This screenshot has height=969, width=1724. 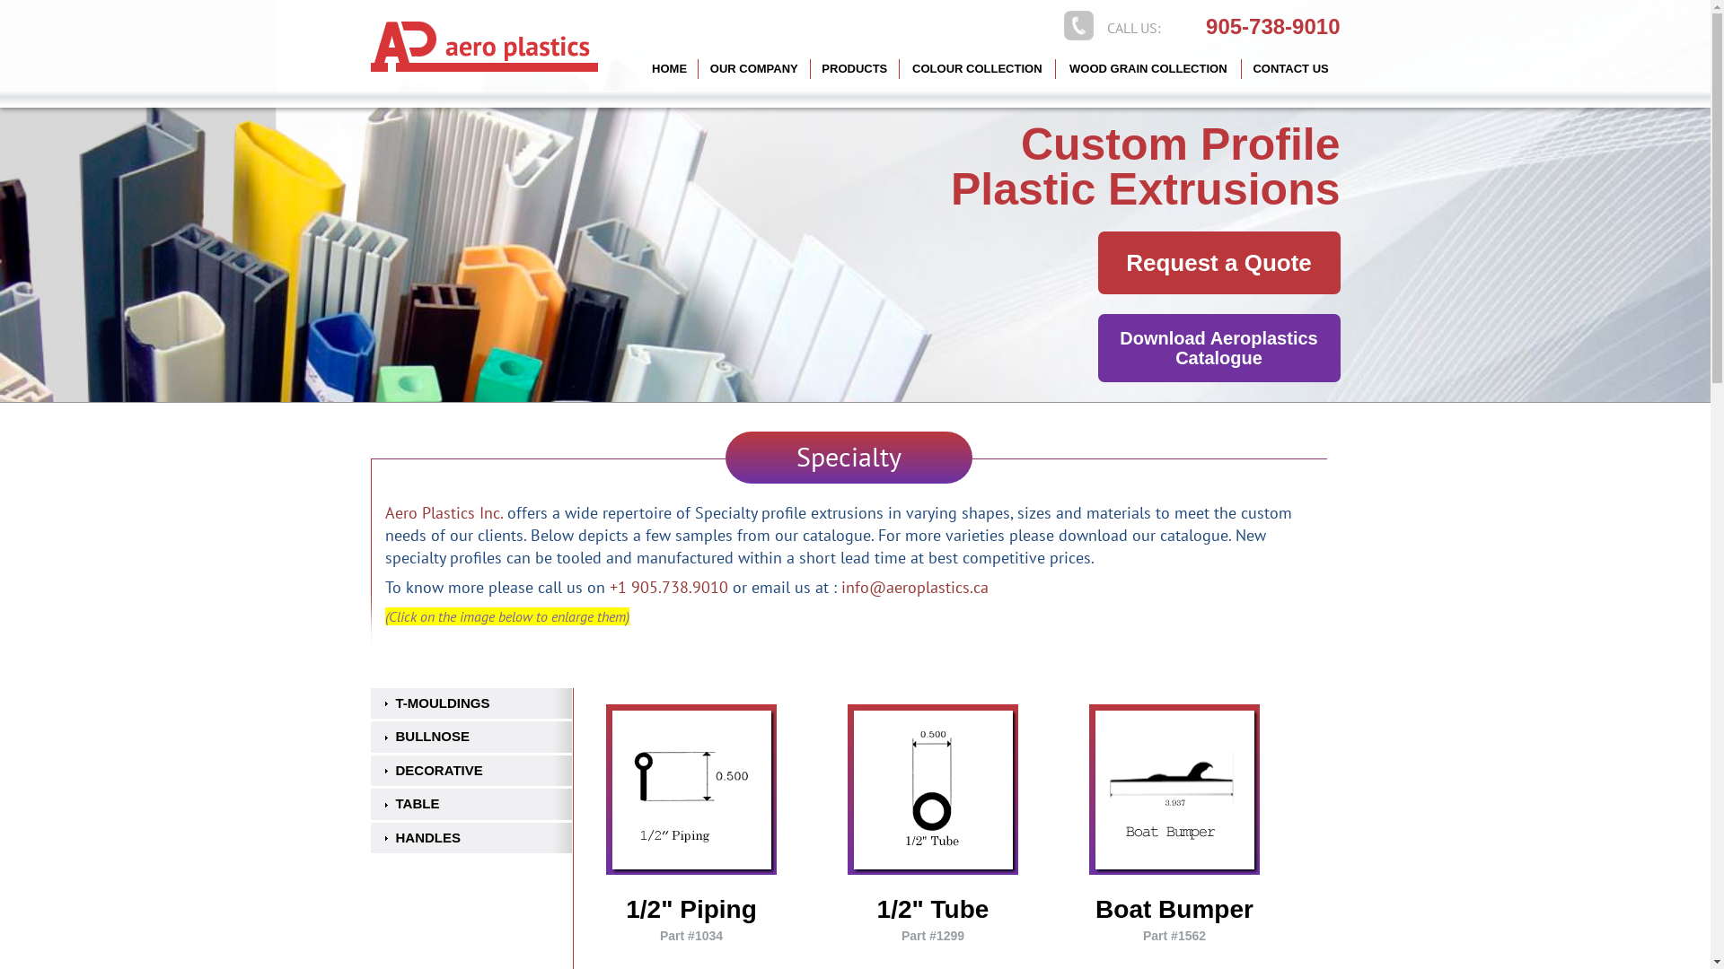 What do you see at coordinates (1148, 68) in the screenshot?
I see `'WOOD GRAIN COLLECTION'` at bounding box center [1148, 68].